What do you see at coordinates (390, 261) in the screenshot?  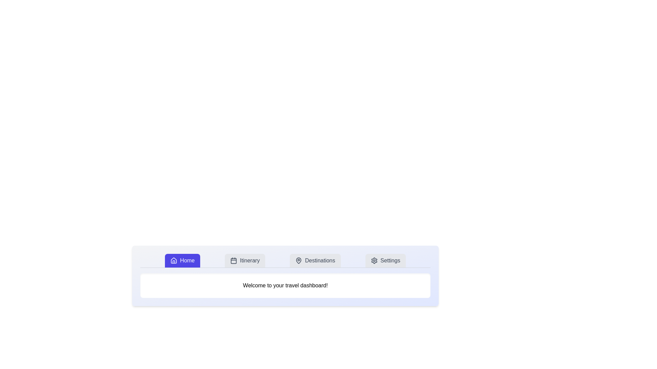 I see `the settings button located in the top-right corner of the navigation bar` at bounding box center [390, 261].